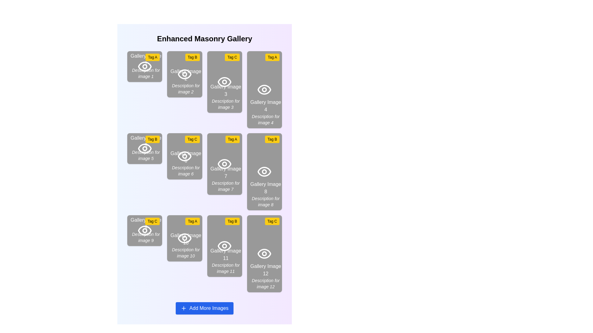  I want to click on the informational label in the top-right corner of the gallery card labeled 'Gallery Image 7', so click(232, 139).